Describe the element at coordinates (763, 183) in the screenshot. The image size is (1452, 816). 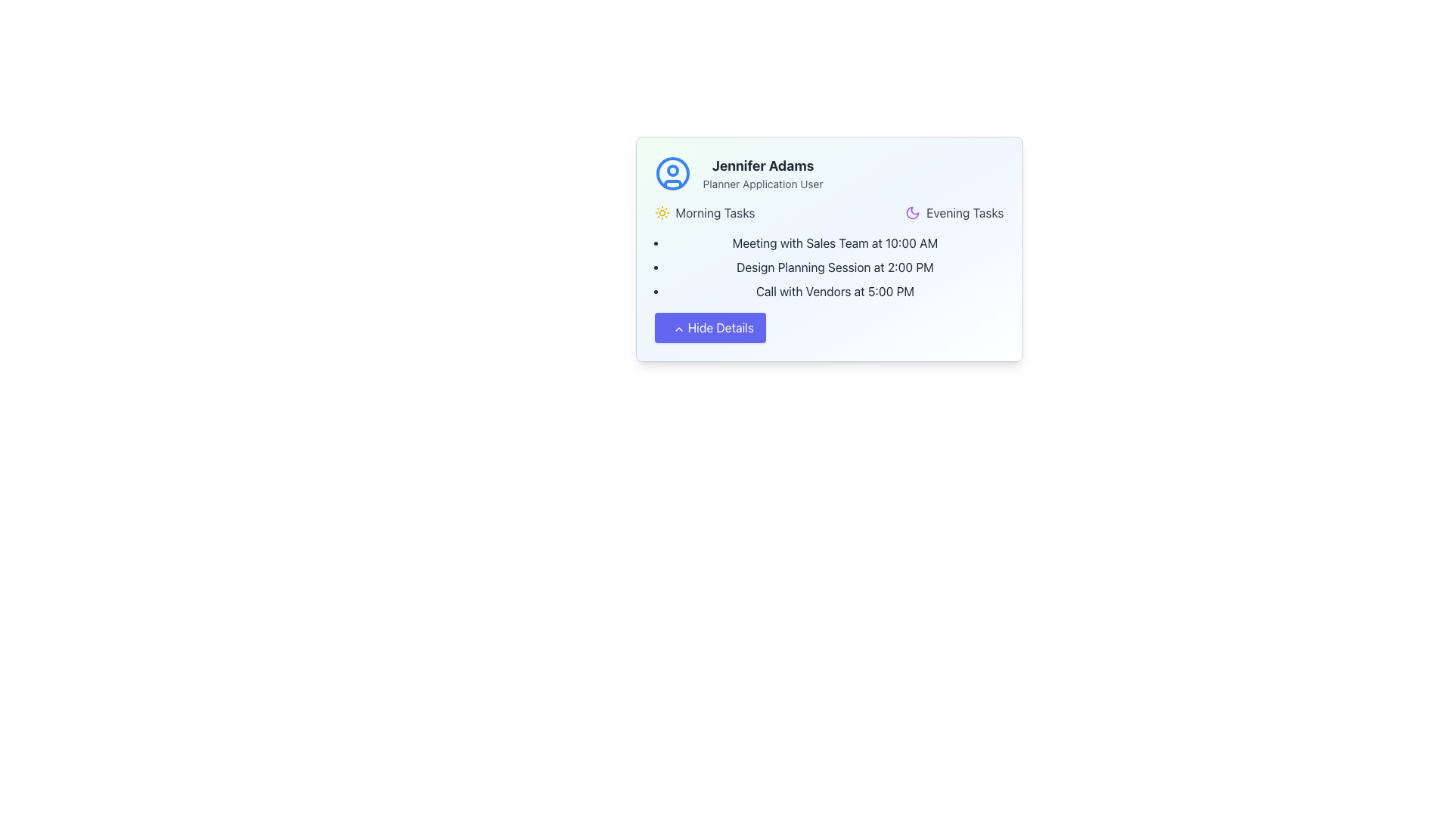
I see `information from the Text Label that describes the user role, located below the name 'Jennifer Adams' in the profile card layout` at that location.